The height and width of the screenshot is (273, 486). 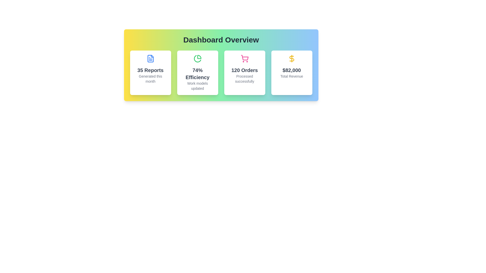 I want to click on the text label stating 'Total Revenue', which is styled in a small gray font and located beneath the figure '$82,000' in the Dashboard Overview section, so click(x=292, y=76).